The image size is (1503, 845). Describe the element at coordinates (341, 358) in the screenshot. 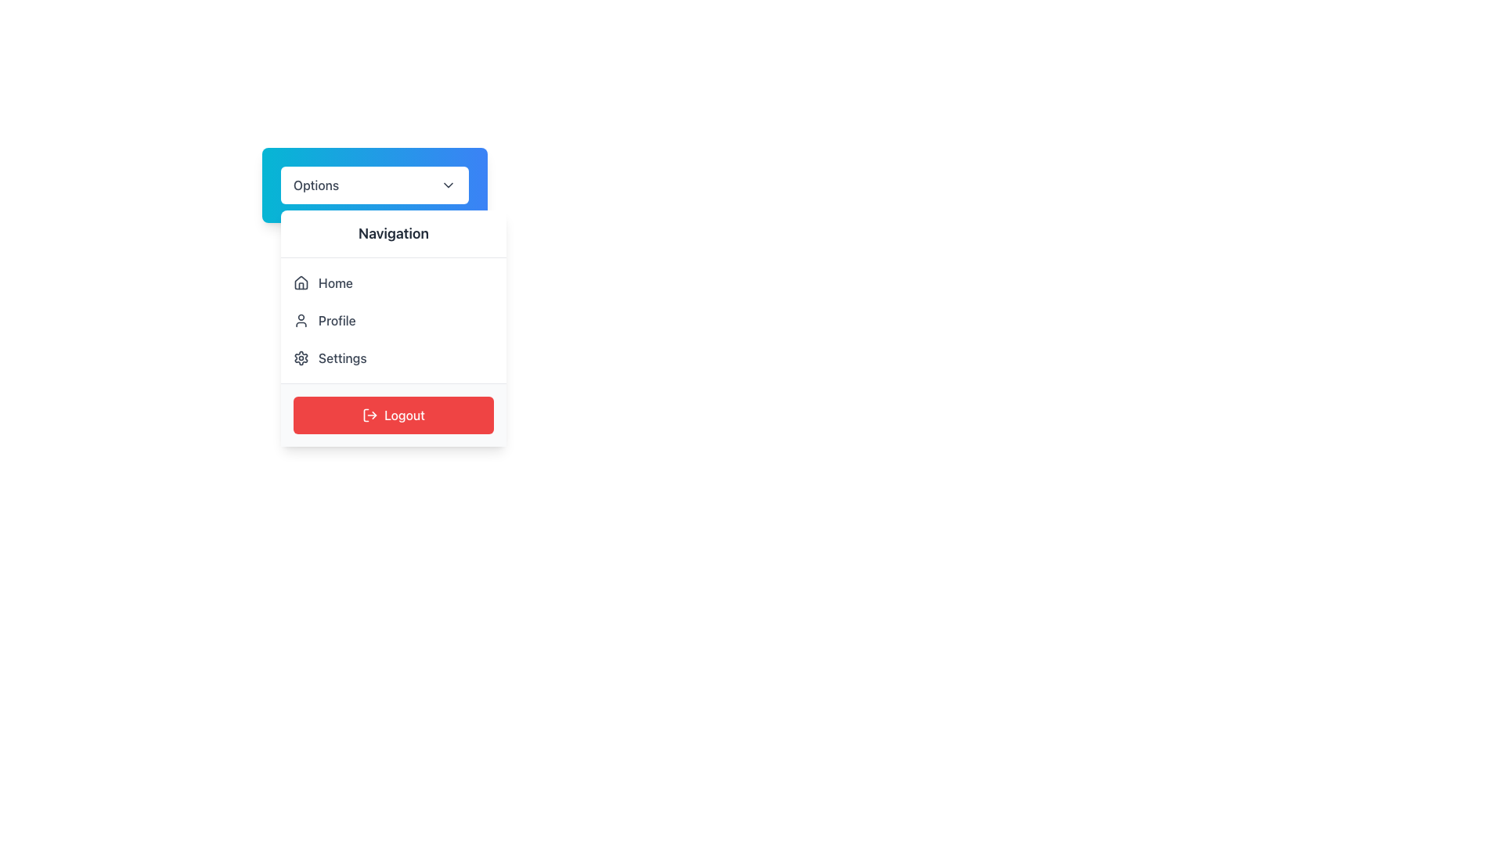

I see `the 'Settings' text label, which is displayed in medium gray font and located to the right of a cogwheel icon within the dropdown menu under the navigation section` at that location.